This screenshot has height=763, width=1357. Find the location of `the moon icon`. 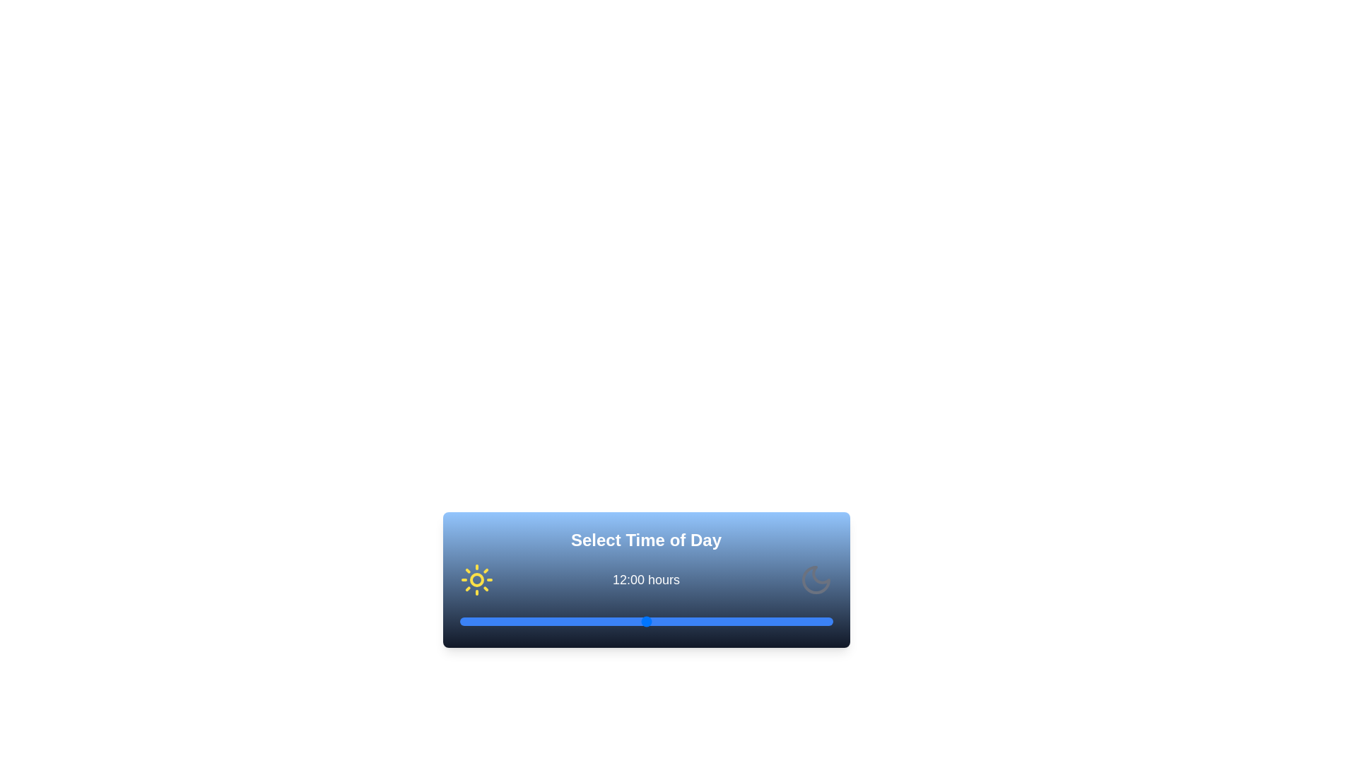

the moon icon is located at coordinates (816, 580).